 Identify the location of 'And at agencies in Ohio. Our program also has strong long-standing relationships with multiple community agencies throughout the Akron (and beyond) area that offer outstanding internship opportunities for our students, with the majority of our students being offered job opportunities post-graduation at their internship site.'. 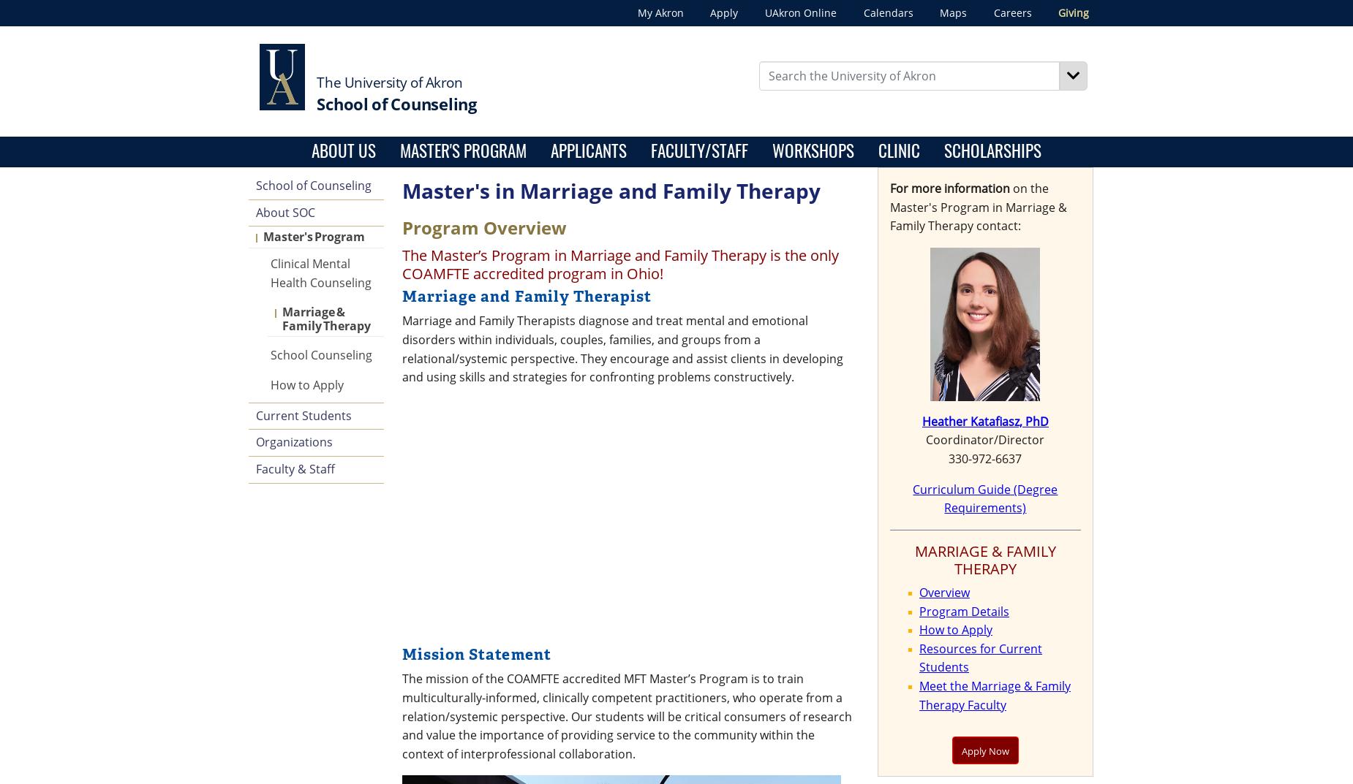
(655, 526).